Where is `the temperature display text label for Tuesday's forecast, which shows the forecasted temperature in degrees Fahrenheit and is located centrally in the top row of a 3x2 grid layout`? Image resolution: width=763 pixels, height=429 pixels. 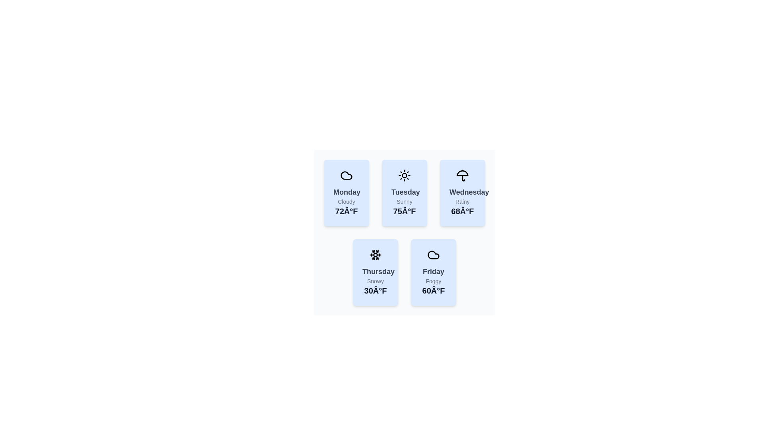
the temperature display text label for Tuesday's forecast, which shows the forecasted temperature in degrees Fahrenheit and is located centrally in the top row of a 3x2 grid layout is located at coordinates (404, 211).